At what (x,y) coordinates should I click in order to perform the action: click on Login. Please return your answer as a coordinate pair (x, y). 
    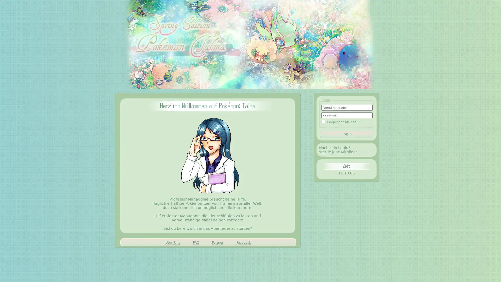
    Looking at the image, I should click on (347, 133).